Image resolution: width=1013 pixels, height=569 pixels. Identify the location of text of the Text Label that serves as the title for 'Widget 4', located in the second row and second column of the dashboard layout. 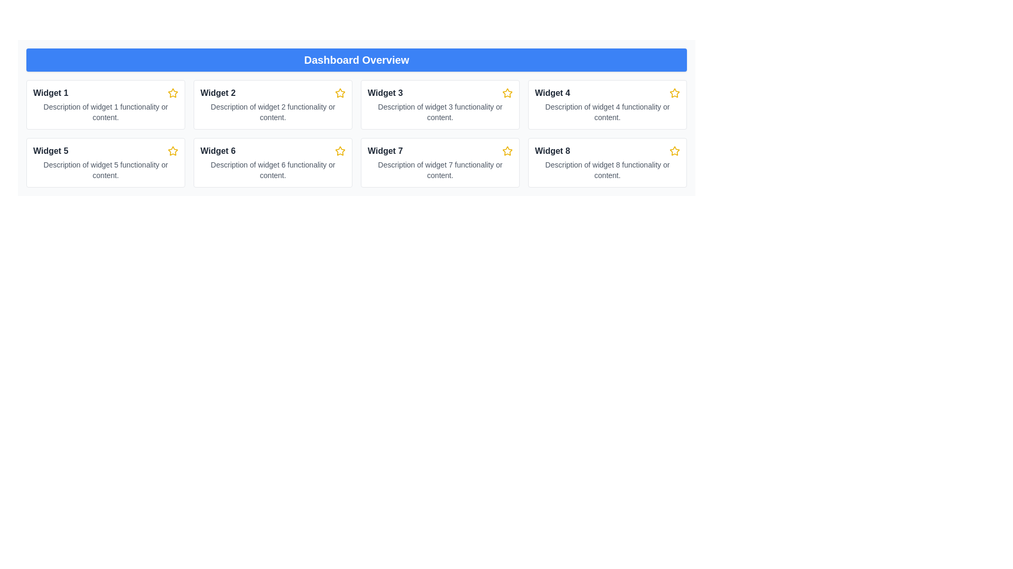
(552, 93).